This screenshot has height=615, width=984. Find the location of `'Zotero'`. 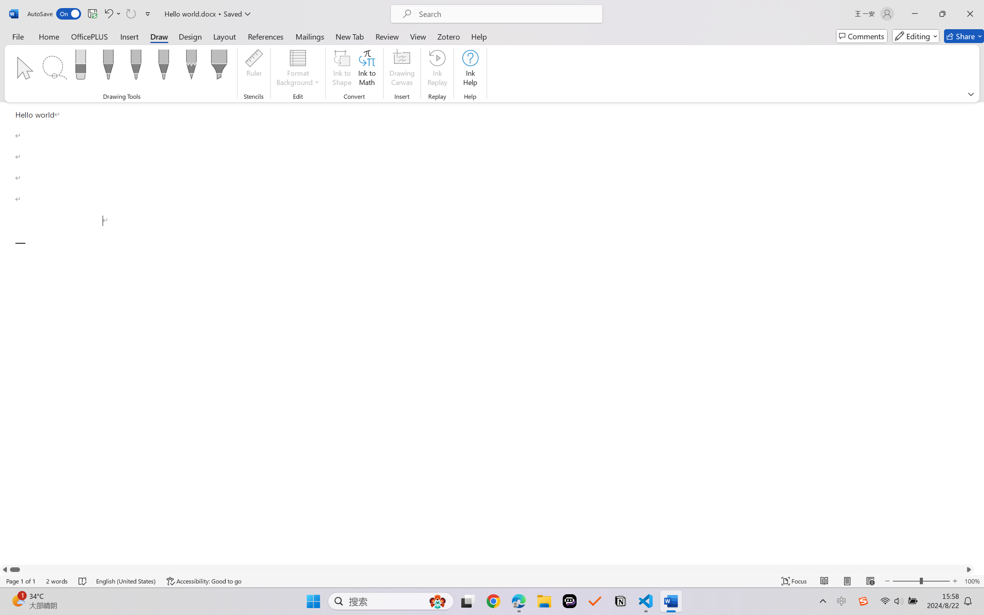

'Zotero' is located at coordinates (448, 36).